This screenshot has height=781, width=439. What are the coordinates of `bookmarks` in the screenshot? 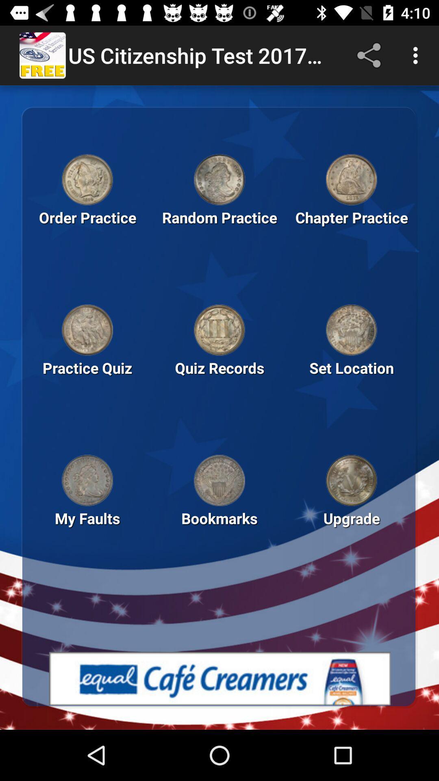 It's located at (219, 480).